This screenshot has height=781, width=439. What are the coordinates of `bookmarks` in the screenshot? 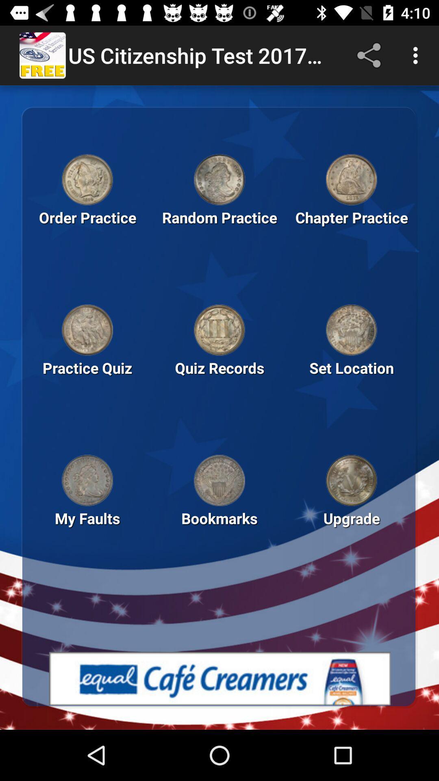 It's located at (219, 480).